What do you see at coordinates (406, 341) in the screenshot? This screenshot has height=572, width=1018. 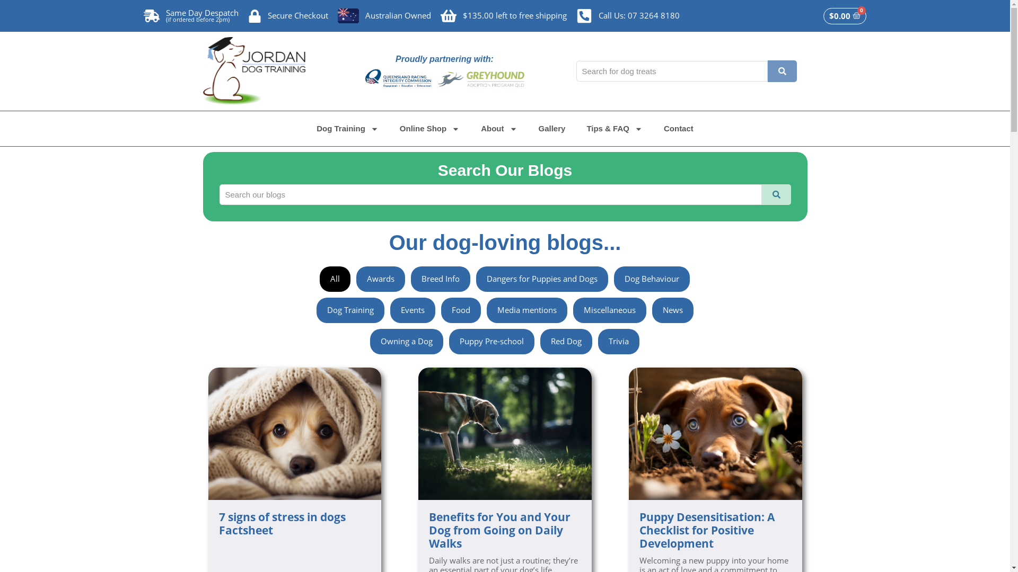 I see `'Owning a Dog'` at bounding box center [406, 341].